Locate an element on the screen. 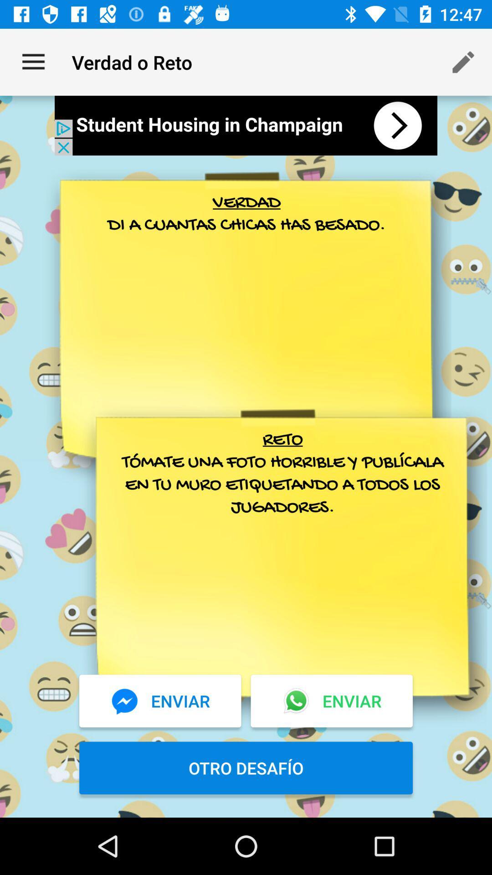 The width and height of the screenshot is (492, 875). adverisment selection is located at coordinates (246, 125).